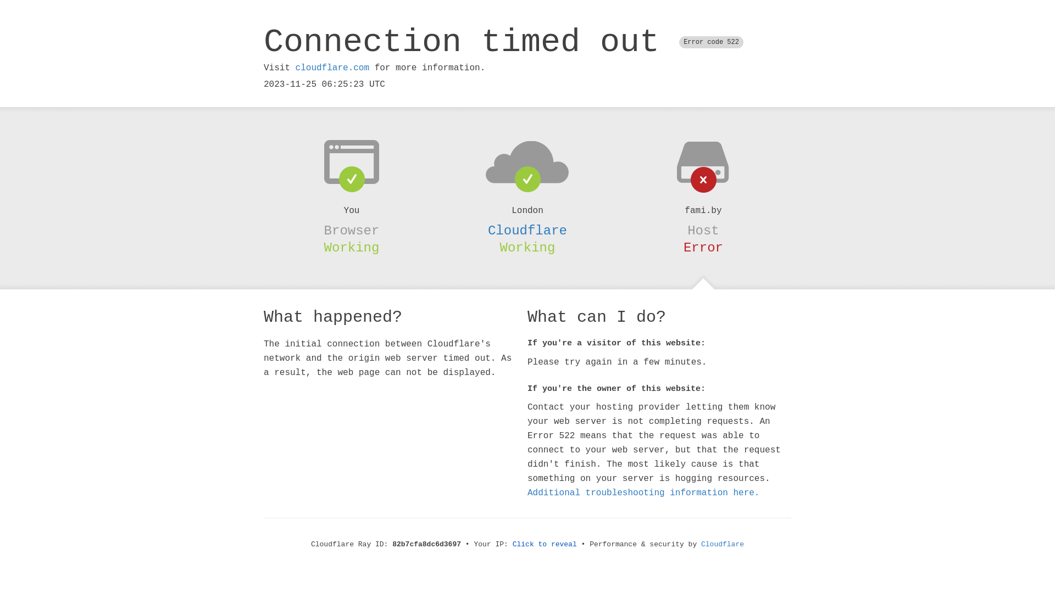 The image size is (1055, 593). What do you see at coordinates (643, 493) in the screenshot?
I see `'Additional troubleshooting information here.'` at bounding box center [643, 493].